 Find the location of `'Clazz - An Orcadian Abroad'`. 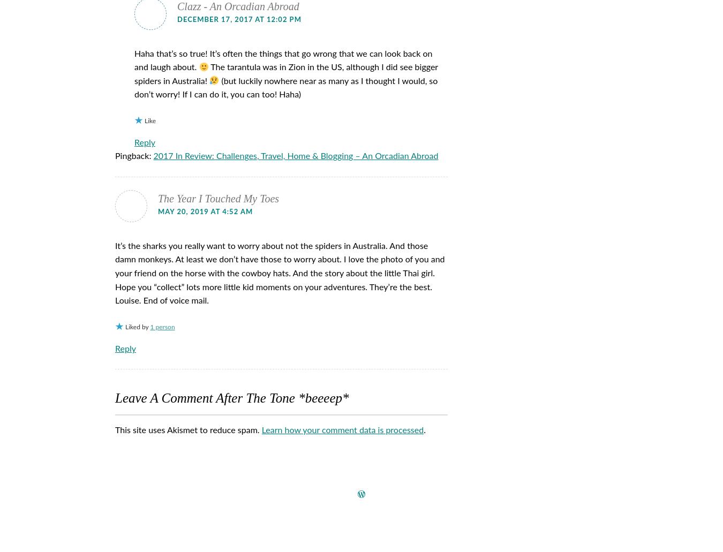

'Clazz - An Orcadian Abroad' is located at coordinates (238, 6).